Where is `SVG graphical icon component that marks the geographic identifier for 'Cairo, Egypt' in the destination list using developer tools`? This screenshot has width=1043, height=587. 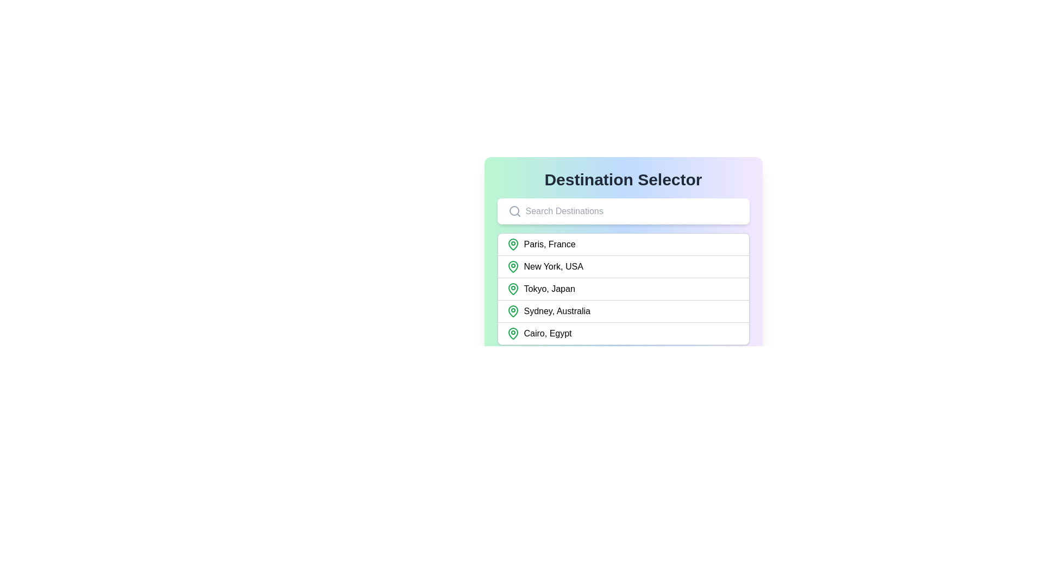 SVG graphical icon component that marks the geographic identifier for 'Cairo, Egypt' in the destination list using developer tools is located at coordinates (512, 333).